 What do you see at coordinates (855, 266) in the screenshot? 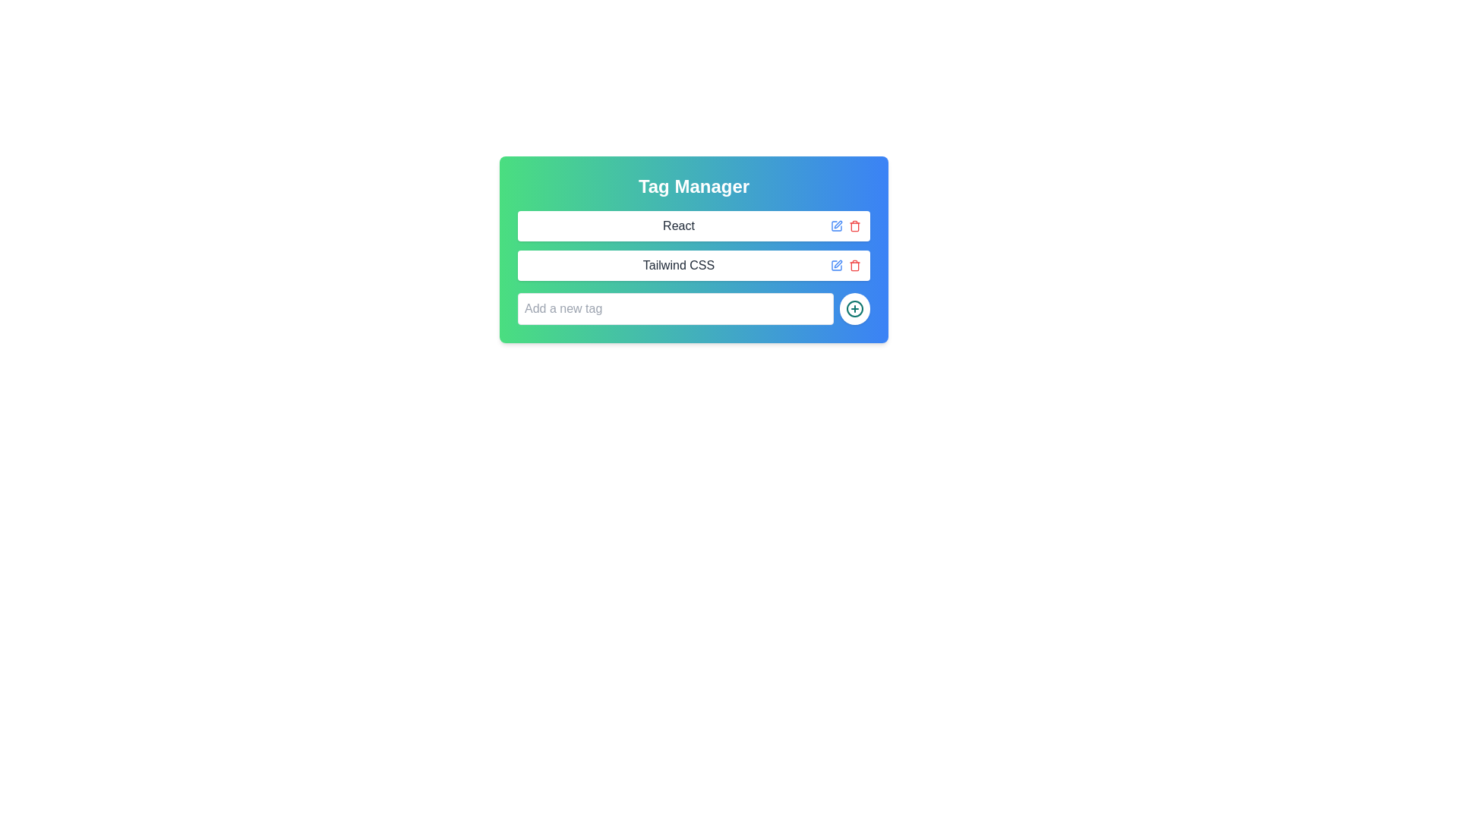
I see `the trash bin icon button` at bounding box center [855, 266].